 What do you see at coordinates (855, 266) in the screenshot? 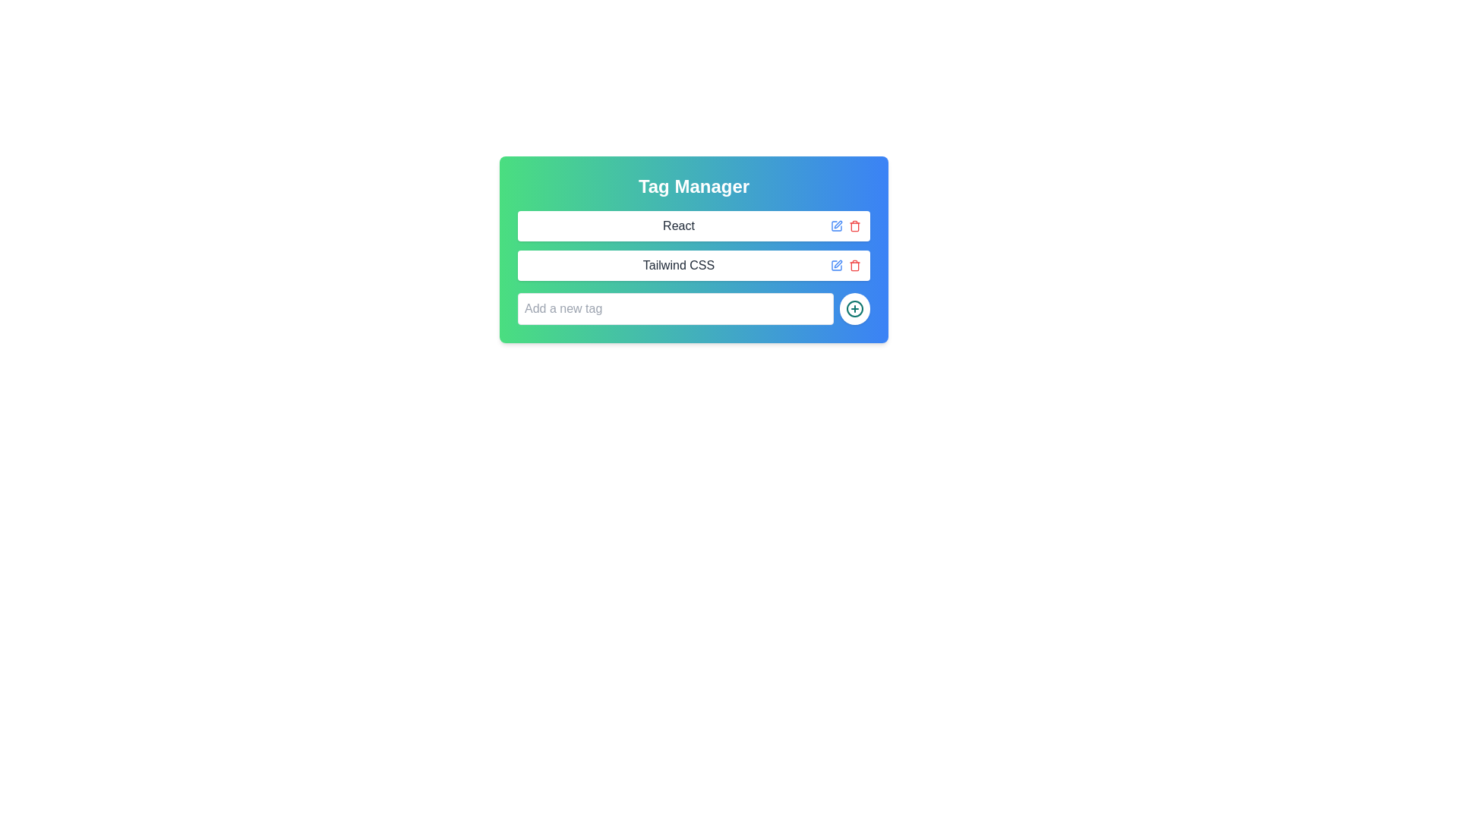
I see `the trash bin icon button` at bounding box center [855, 266].